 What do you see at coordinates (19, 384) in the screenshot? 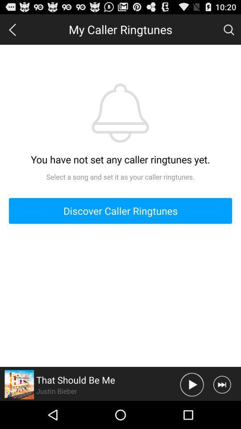
I see `click album cover` at bounding box center [19, 384].